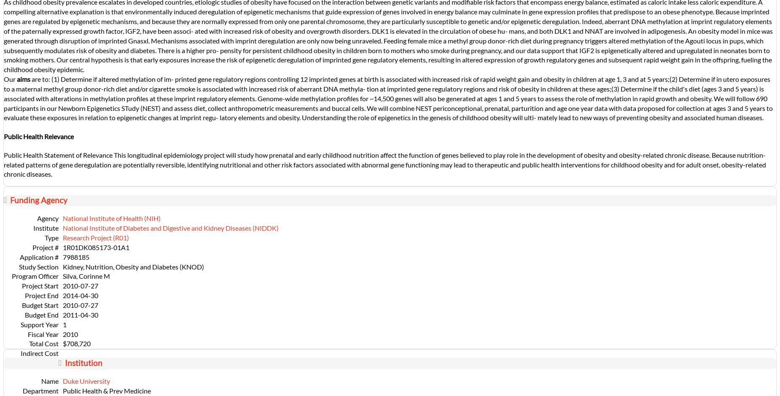  What do you see at coordinates (111, 218) in the screenshot?
I see `'National Institute of Health (NIH)'` at bounding box center [111, 218].